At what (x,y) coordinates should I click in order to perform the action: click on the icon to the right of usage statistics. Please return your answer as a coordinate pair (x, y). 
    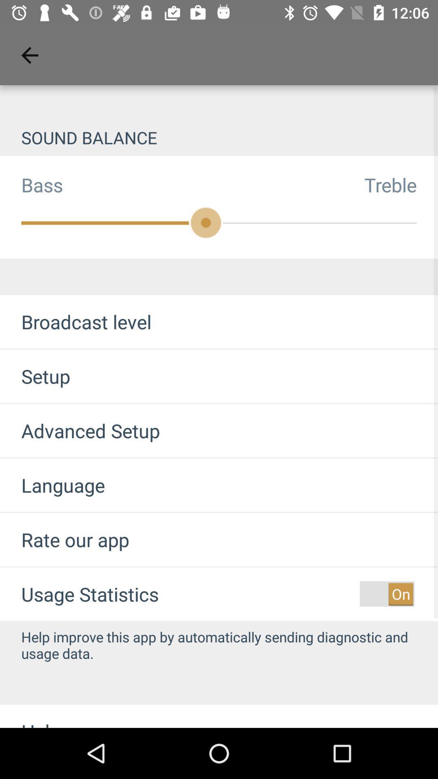
    Looking at the image, I should click on (386, 594).